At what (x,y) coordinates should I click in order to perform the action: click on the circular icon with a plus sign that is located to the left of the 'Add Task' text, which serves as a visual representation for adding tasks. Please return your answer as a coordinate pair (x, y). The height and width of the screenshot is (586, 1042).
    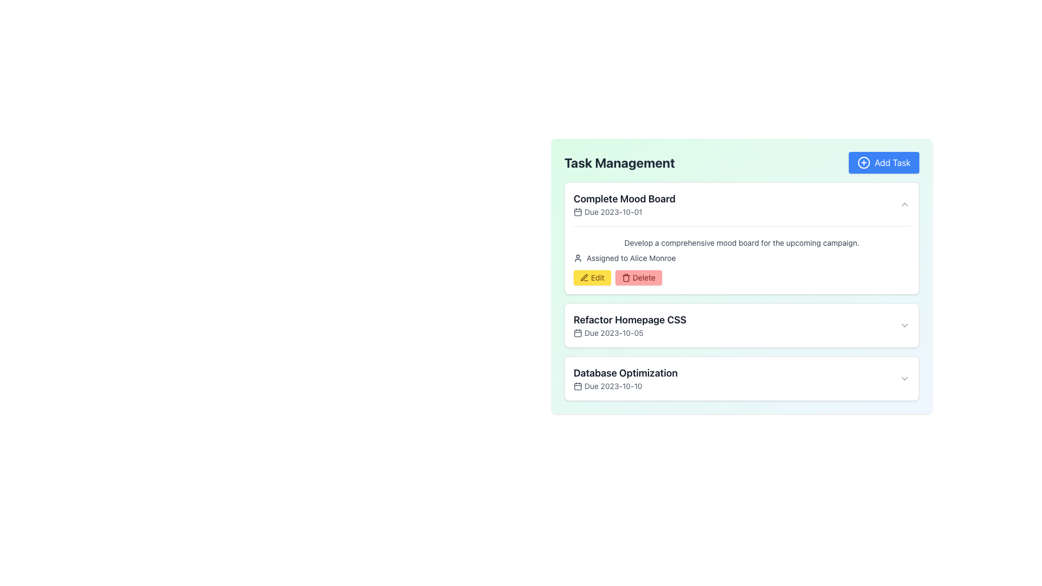
    Looking at the image, I should click on (863, 163).